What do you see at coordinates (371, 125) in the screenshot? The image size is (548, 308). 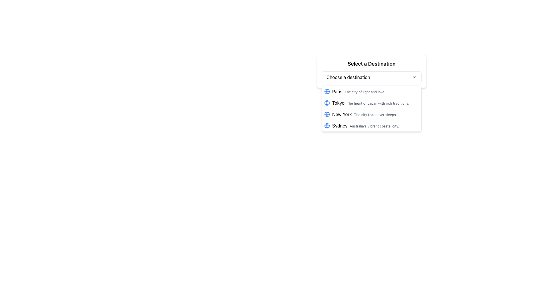 I see `the dropdown menu item labeled 'Sydney'` at bounding box center [371, 125].